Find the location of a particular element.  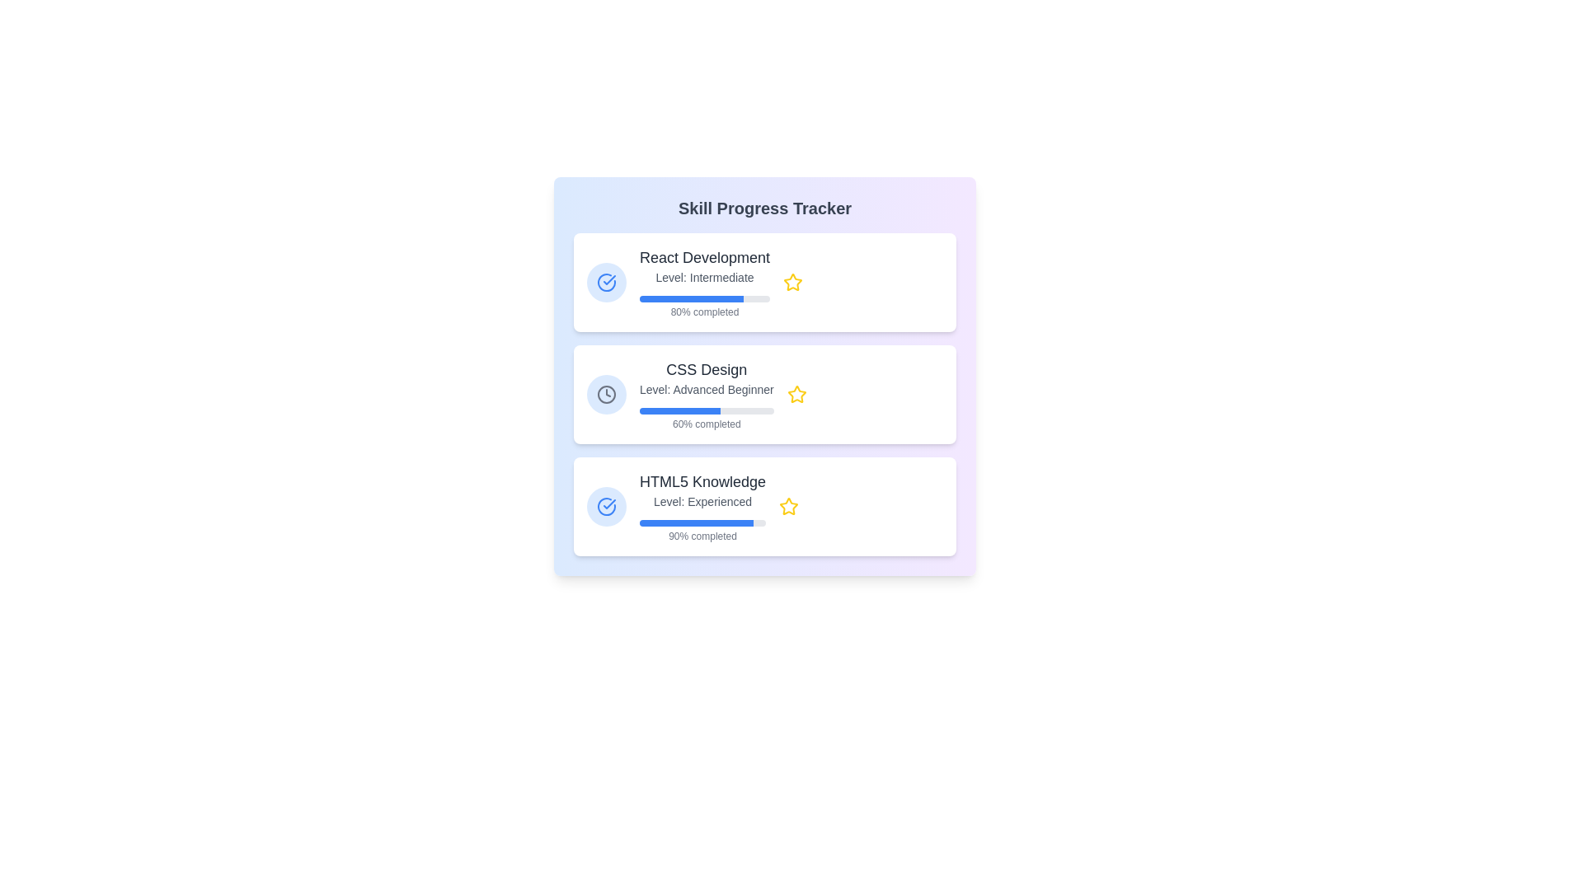

text label displaying '60% completed' beneath the progress bar in the CSS Design skill progress tracker card is located at coordinates (707, 416).